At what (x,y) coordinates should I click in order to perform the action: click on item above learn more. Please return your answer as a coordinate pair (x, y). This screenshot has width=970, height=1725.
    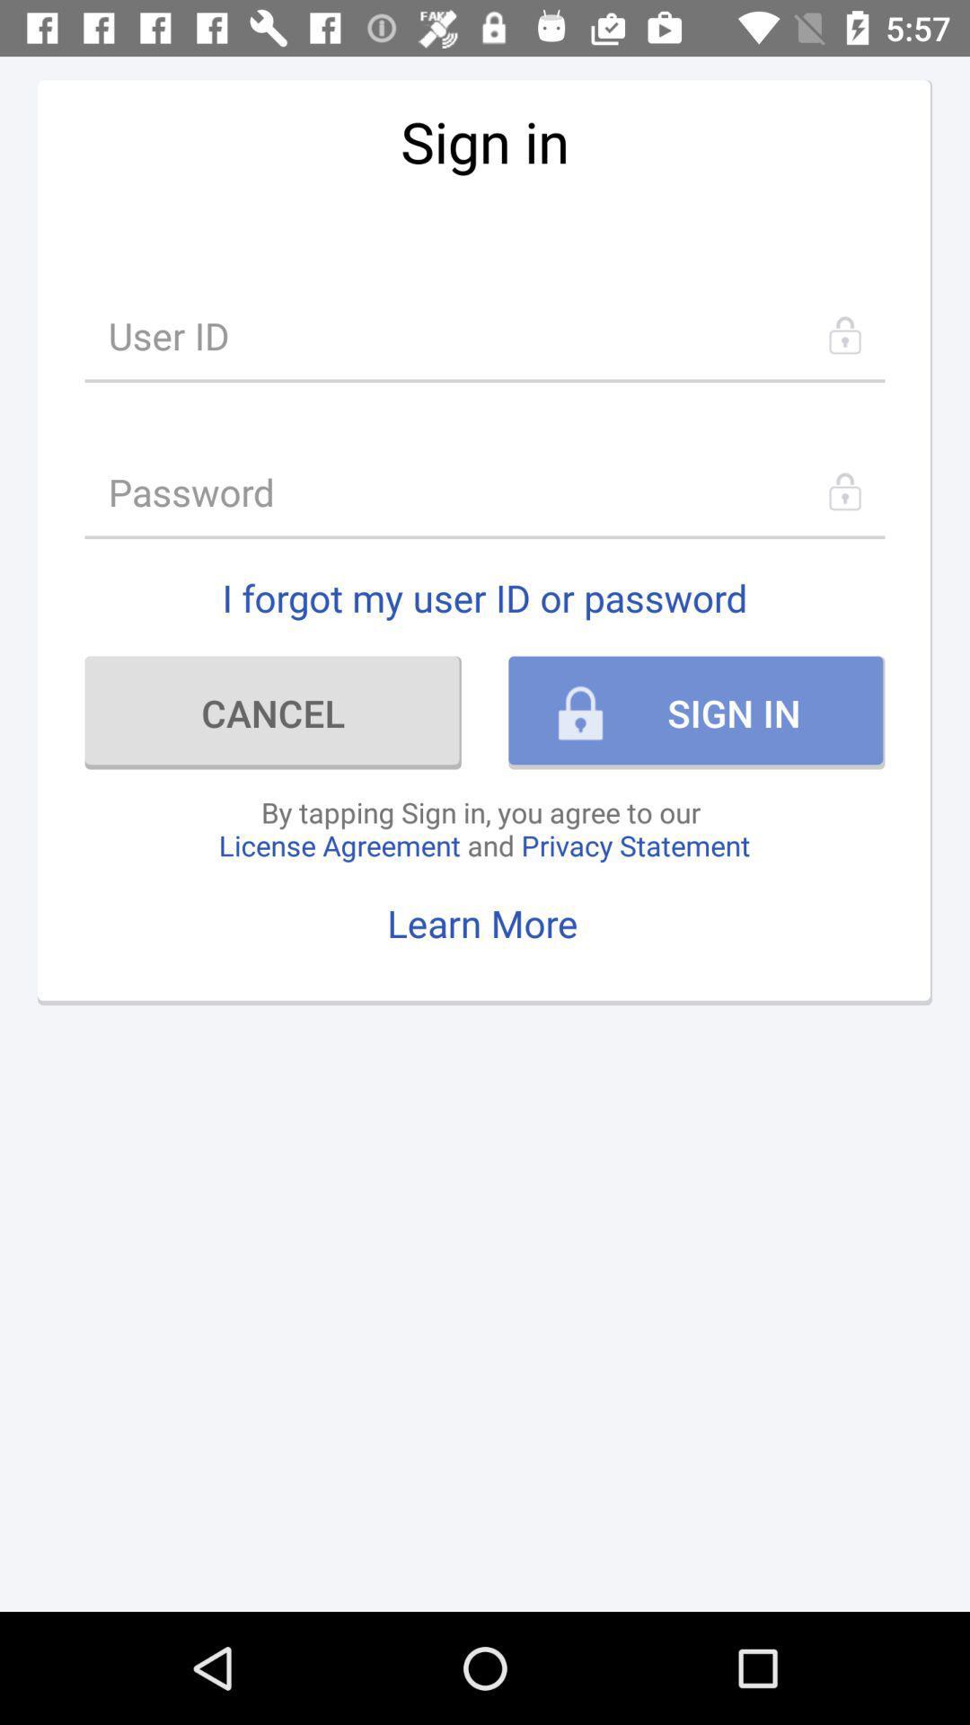
    Looking at the image, I should click on (483, 827).